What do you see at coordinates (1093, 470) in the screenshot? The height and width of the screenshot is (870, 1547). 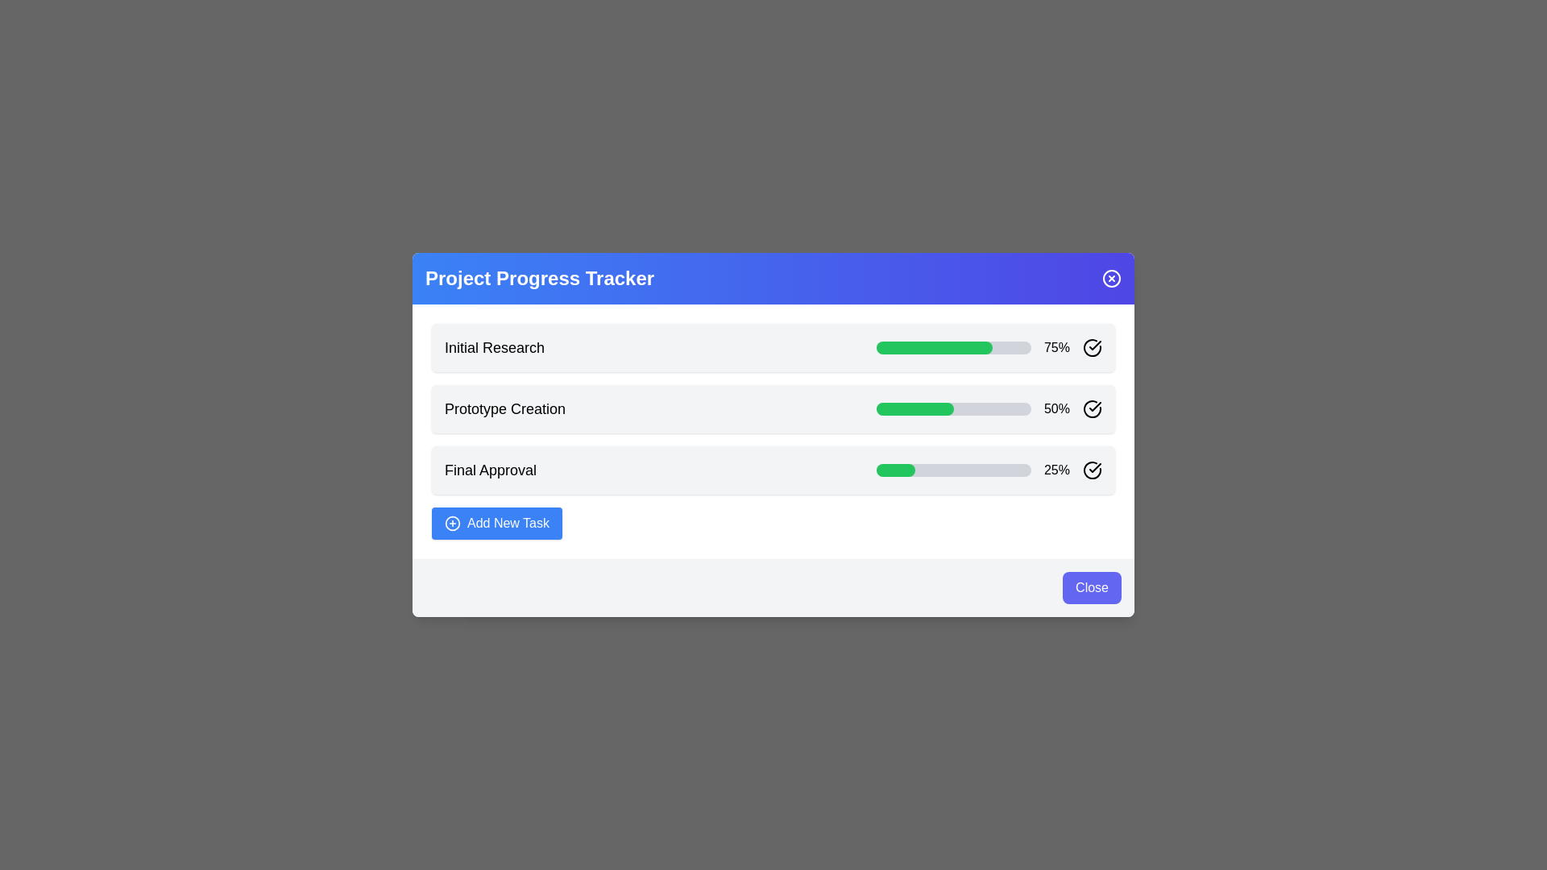 I see `the circular checkmark icon located at the far right of the 'Final Approval' progress row for further information or interaction` at bounding box center [1093, 470].